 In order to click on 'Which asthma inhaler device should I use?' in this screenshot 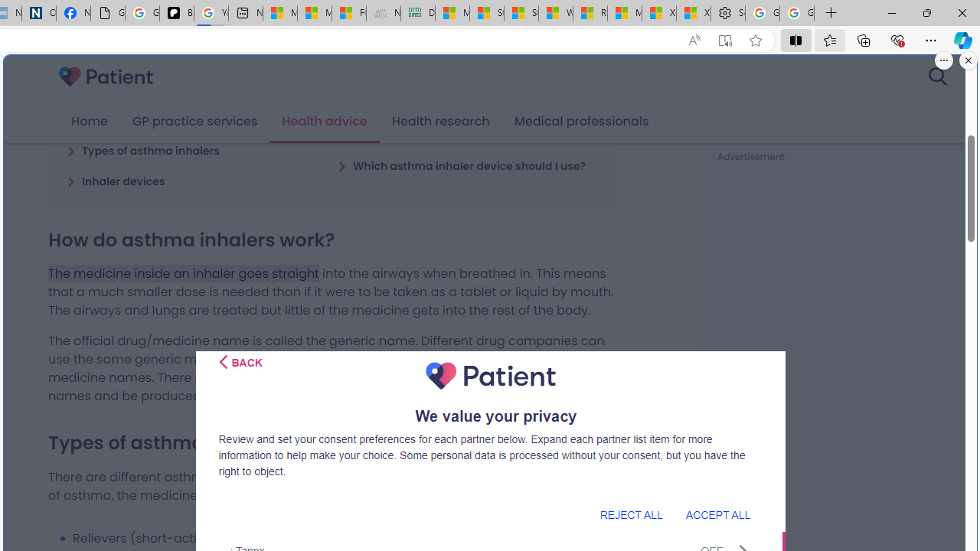, I will do `click(461, 166)`.